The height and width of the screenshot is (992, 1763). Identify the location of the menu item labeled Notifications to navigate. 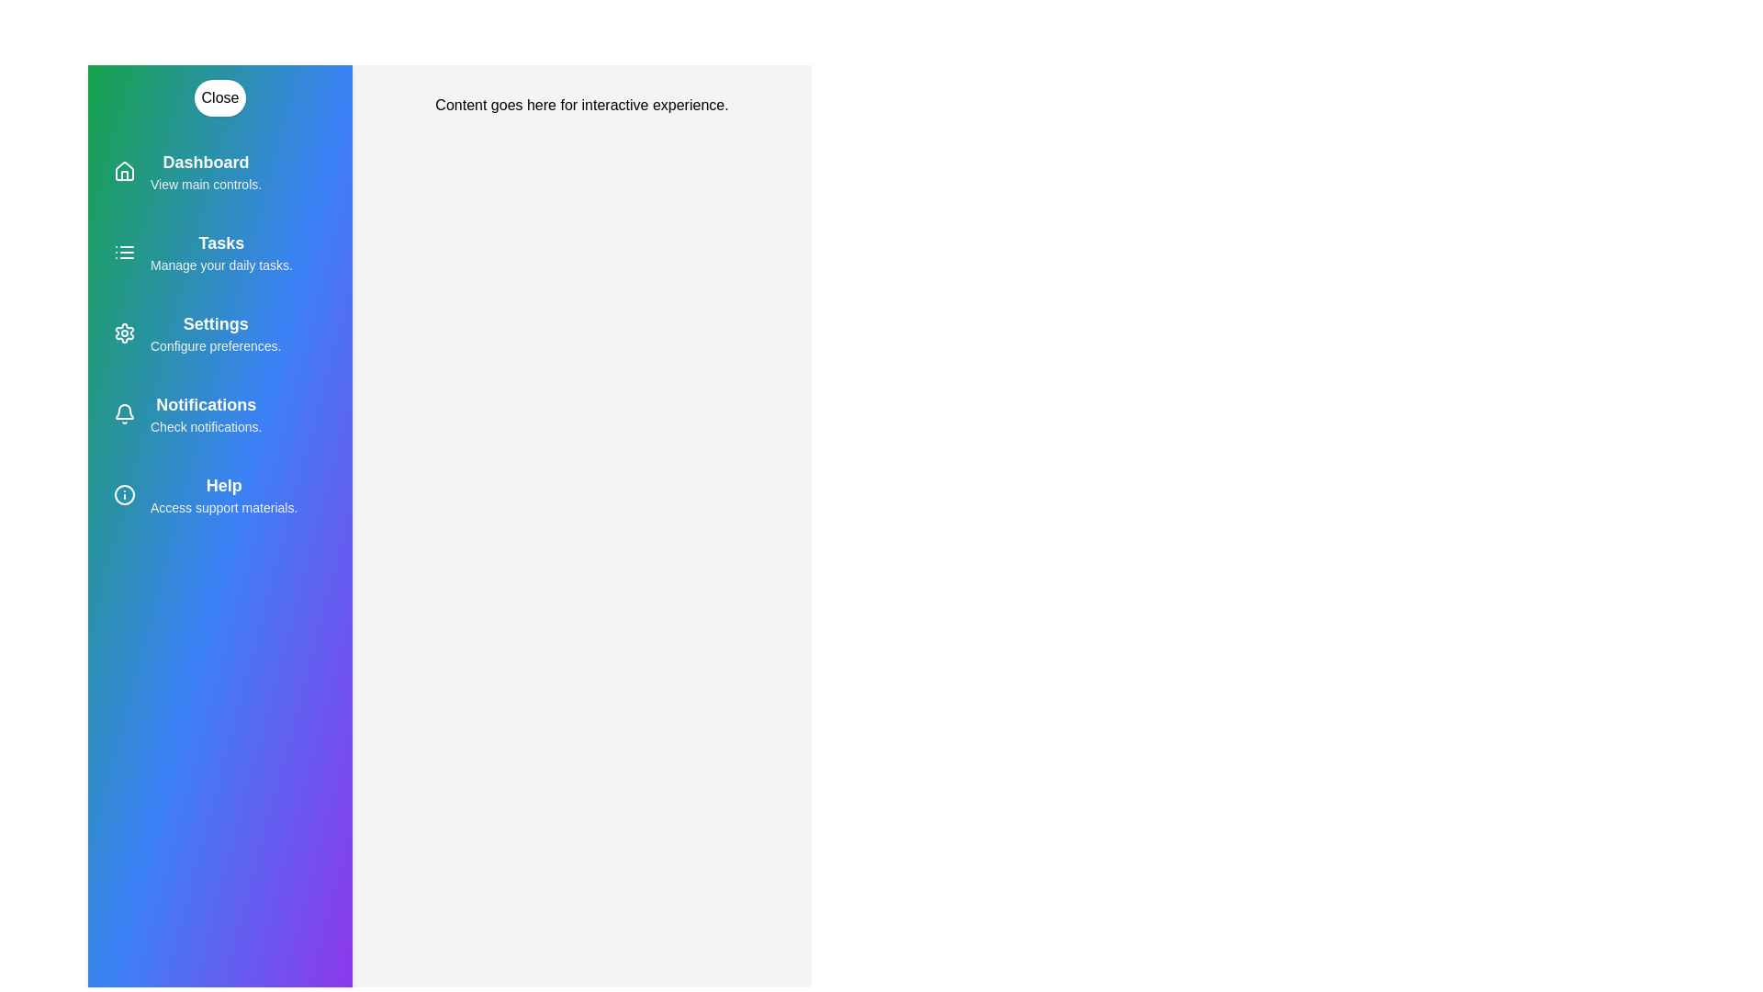
(220, 414).